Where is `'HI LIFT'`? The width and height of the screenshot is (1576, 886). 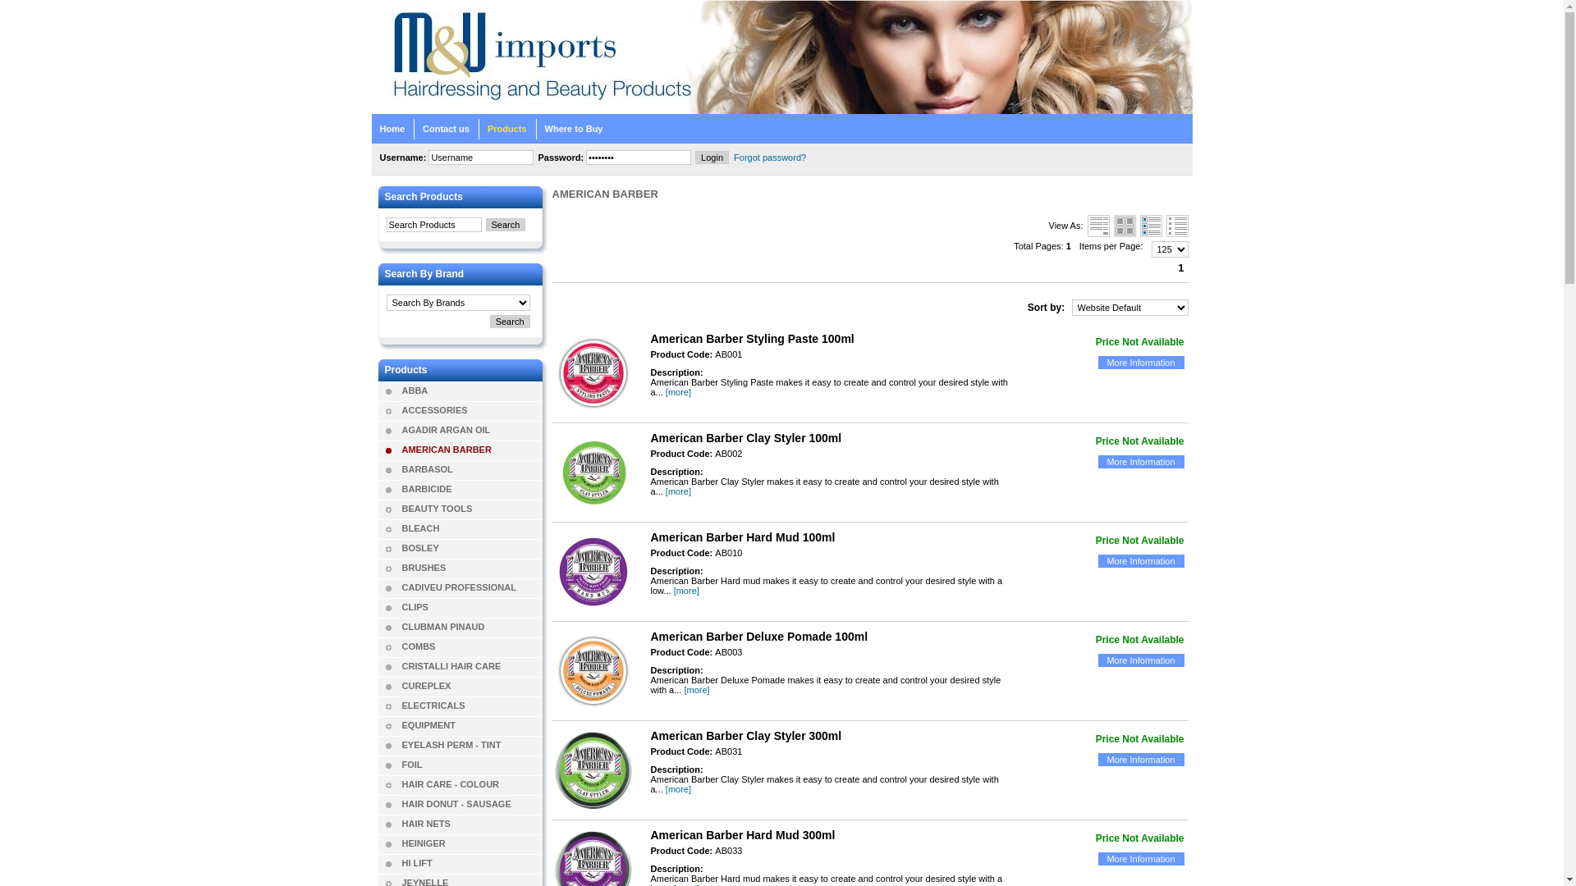
'HI LIFT' is located at coordinates (470, 862).